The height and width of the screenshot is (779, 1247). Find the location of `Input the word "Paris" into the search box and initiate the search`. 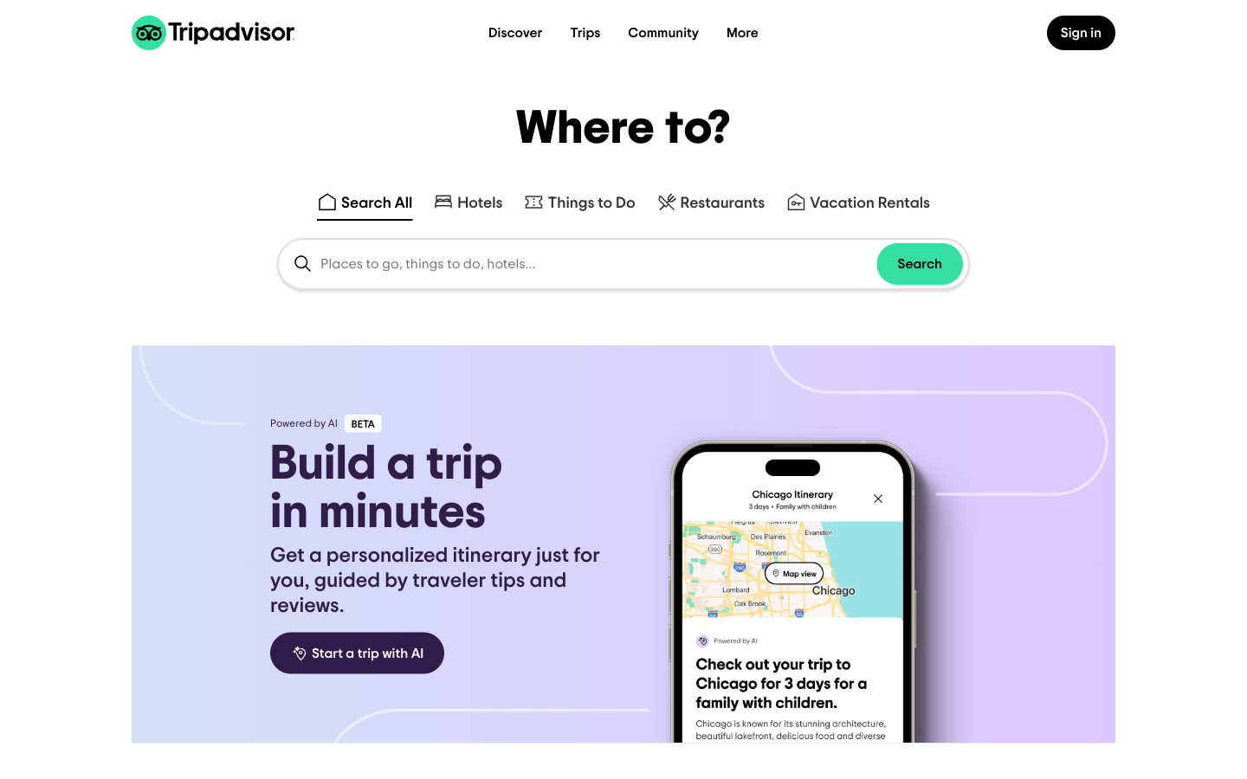

Input the word "Paris" into the search box and initiate the search is located at coordinates (467, 196).